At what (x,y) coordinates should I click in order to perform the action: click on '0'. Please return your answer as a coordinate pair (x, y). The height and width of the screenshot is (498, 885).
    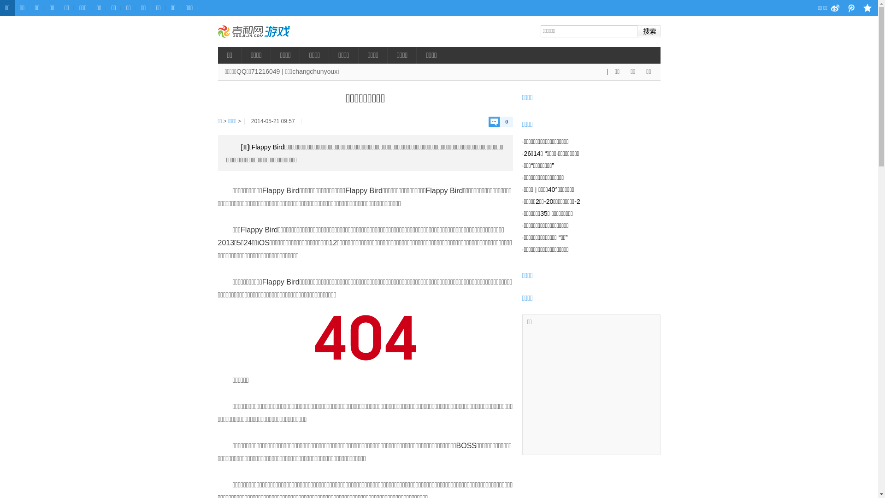
    Looking at the image, I should click on (500, 121).